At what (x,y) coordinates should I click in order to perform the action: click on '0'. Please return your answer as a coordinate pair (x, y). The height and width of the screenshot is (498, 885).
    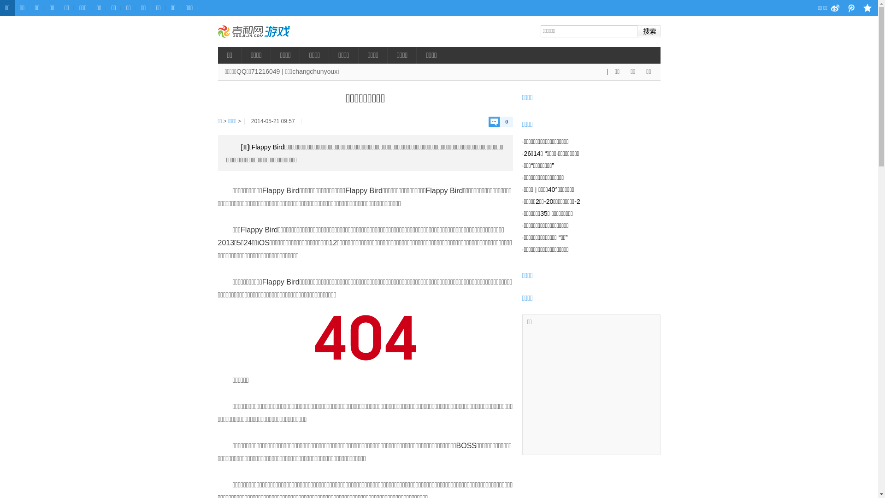
    Looking at the image, I should click on (500, 121).